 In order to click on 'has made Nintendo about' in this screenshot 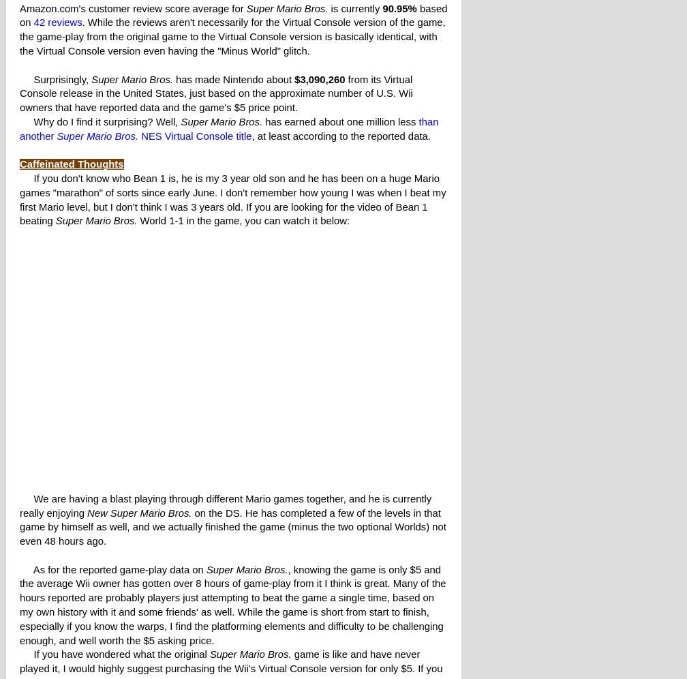, I will do `click(233, 79)`.